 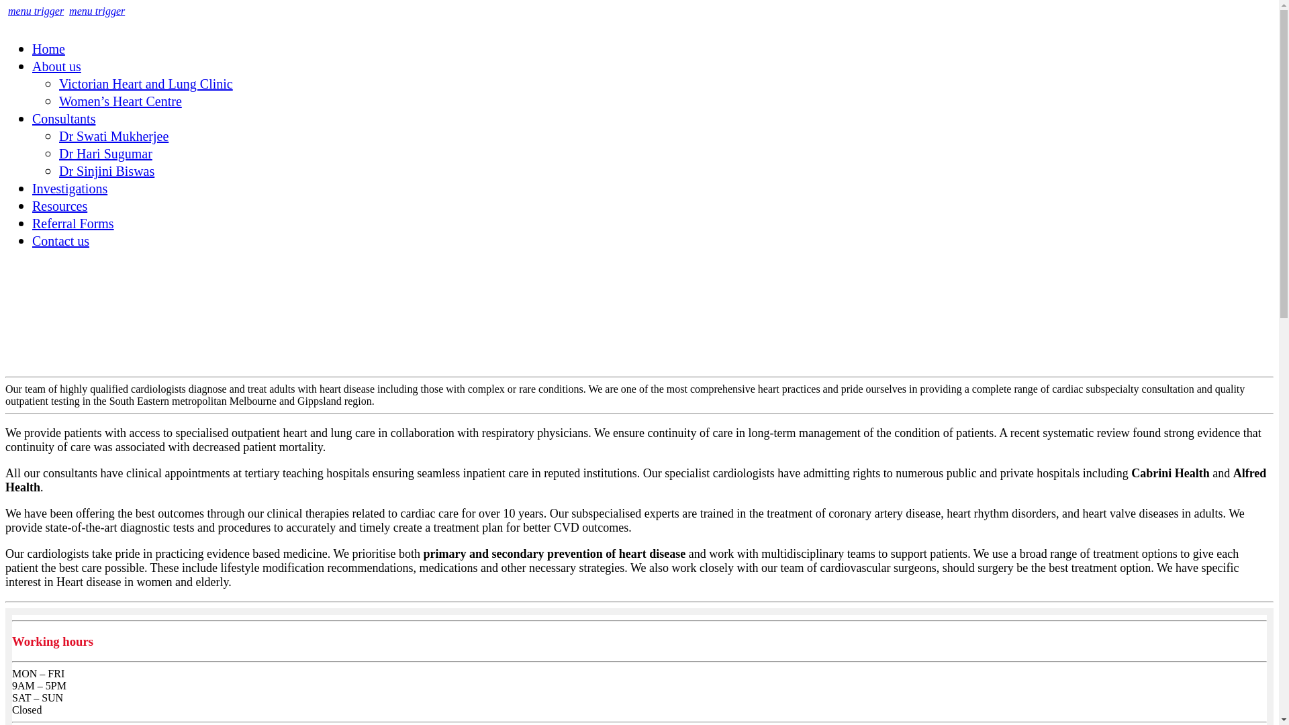 What do you see at coordinates (56, 66) in the screenshot?
I see `'About us'` at bounding box center [56, 66].